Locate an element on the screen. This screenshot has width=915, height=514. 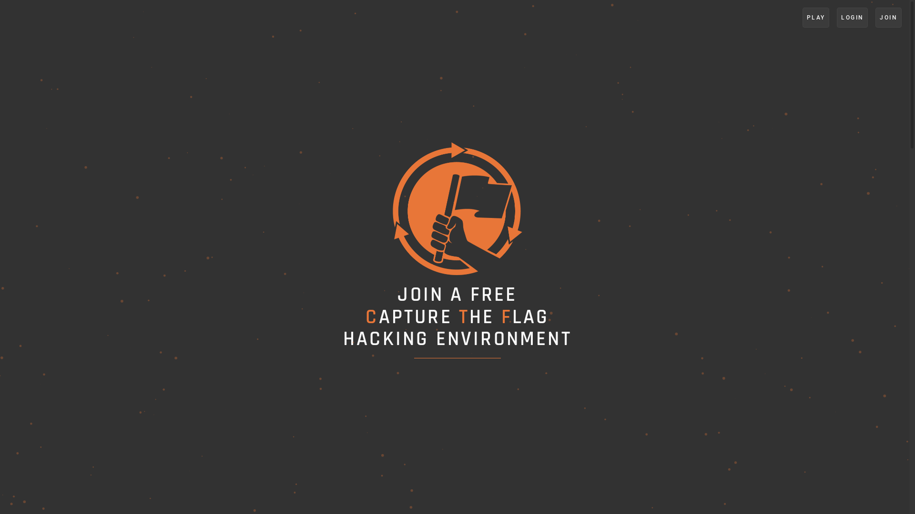
'PLAY' is located at coordinates (815, 18).